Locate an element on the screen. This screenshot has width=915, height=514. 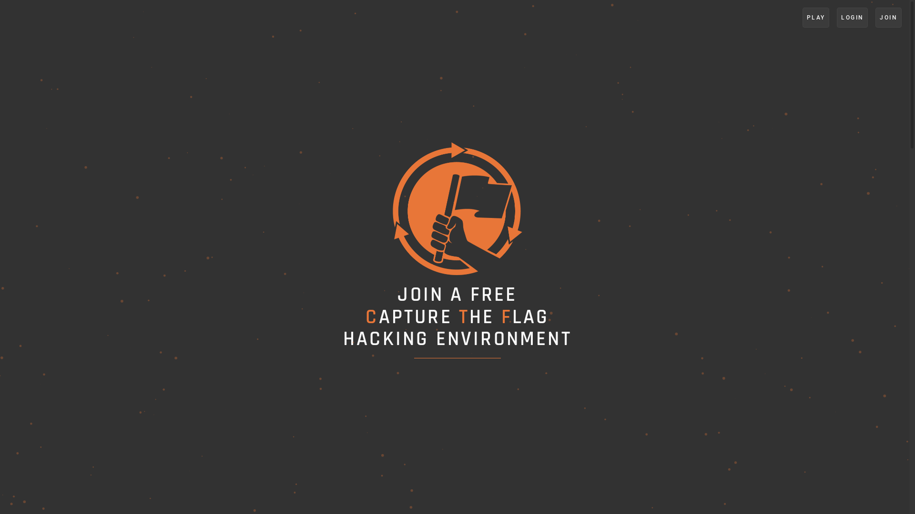
'PLAY' is located at coordinates (815, 18).